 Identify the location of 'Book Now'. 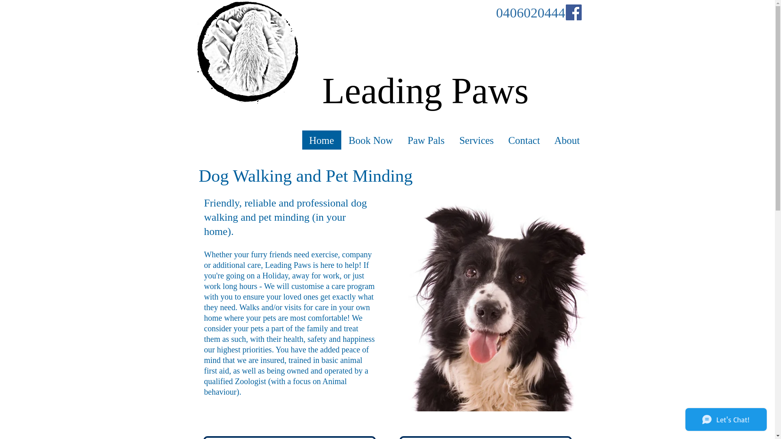
(370, 140).